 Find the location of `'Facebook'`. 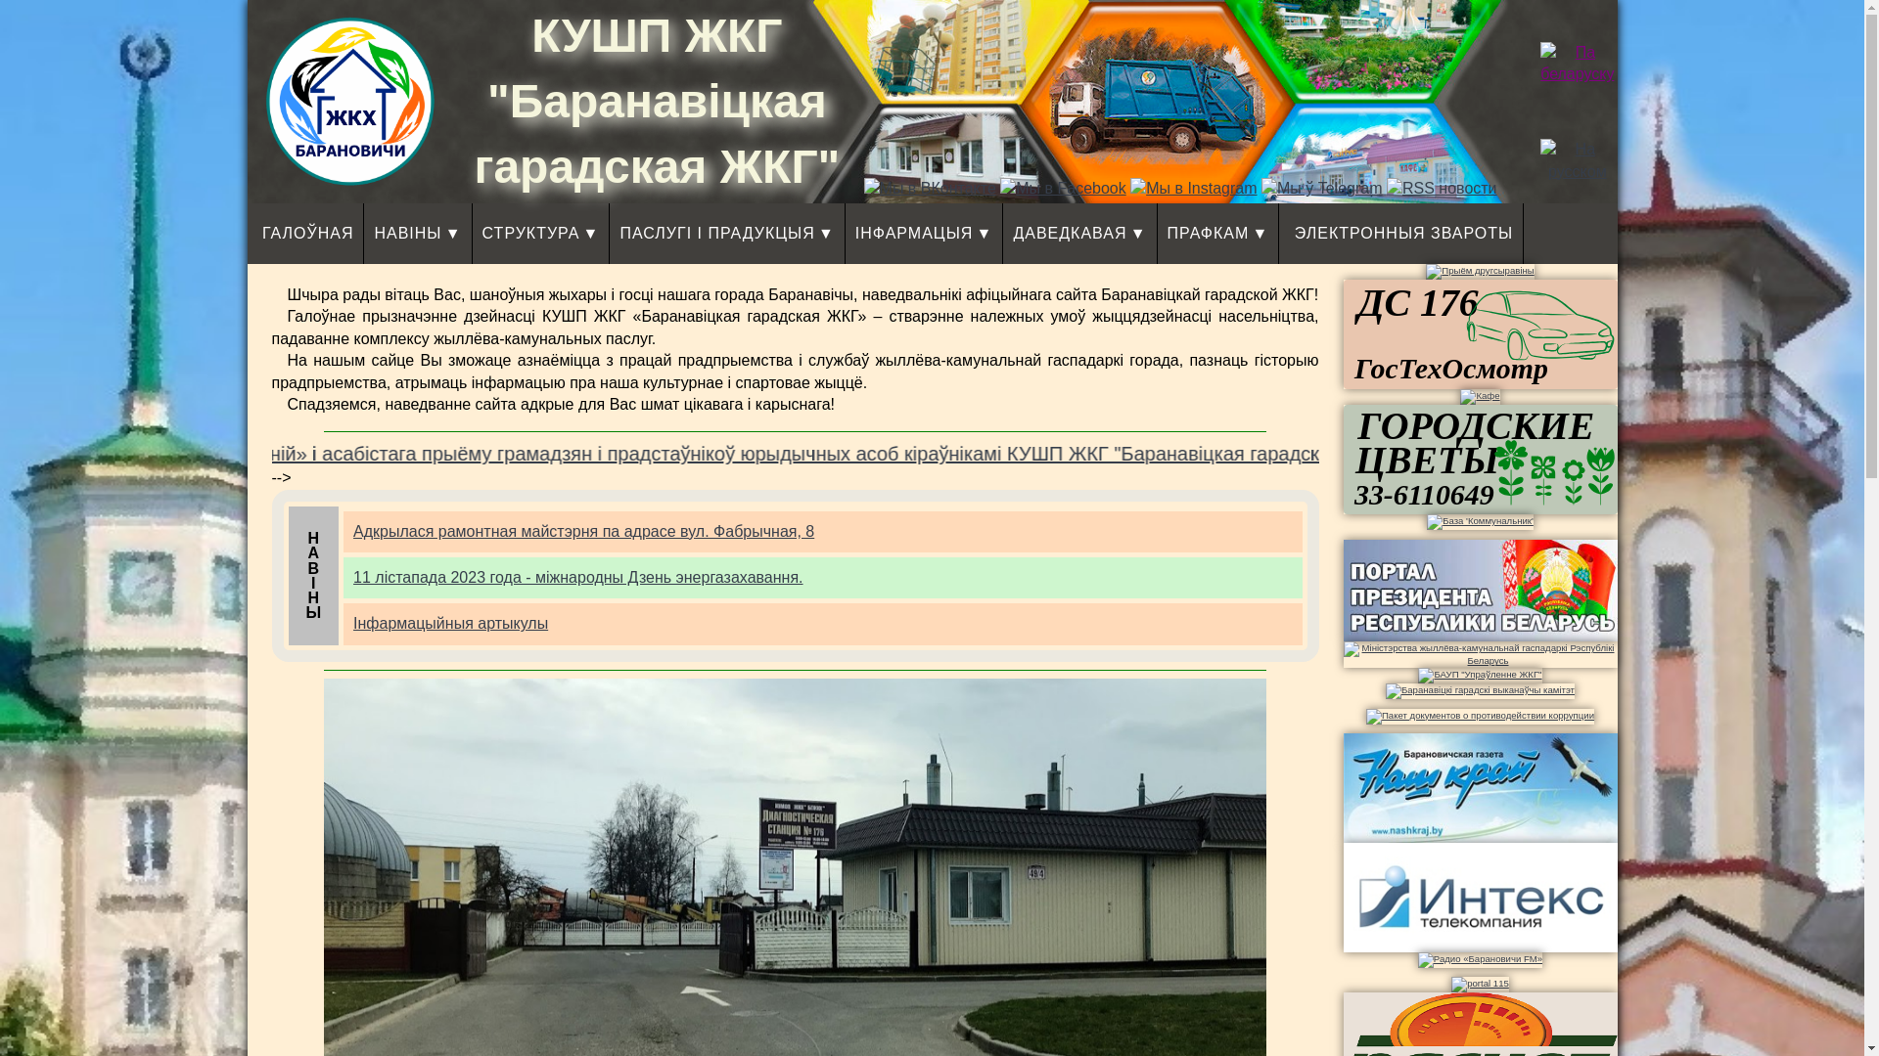

'Facebook' is located at coordinates (1061, 188).